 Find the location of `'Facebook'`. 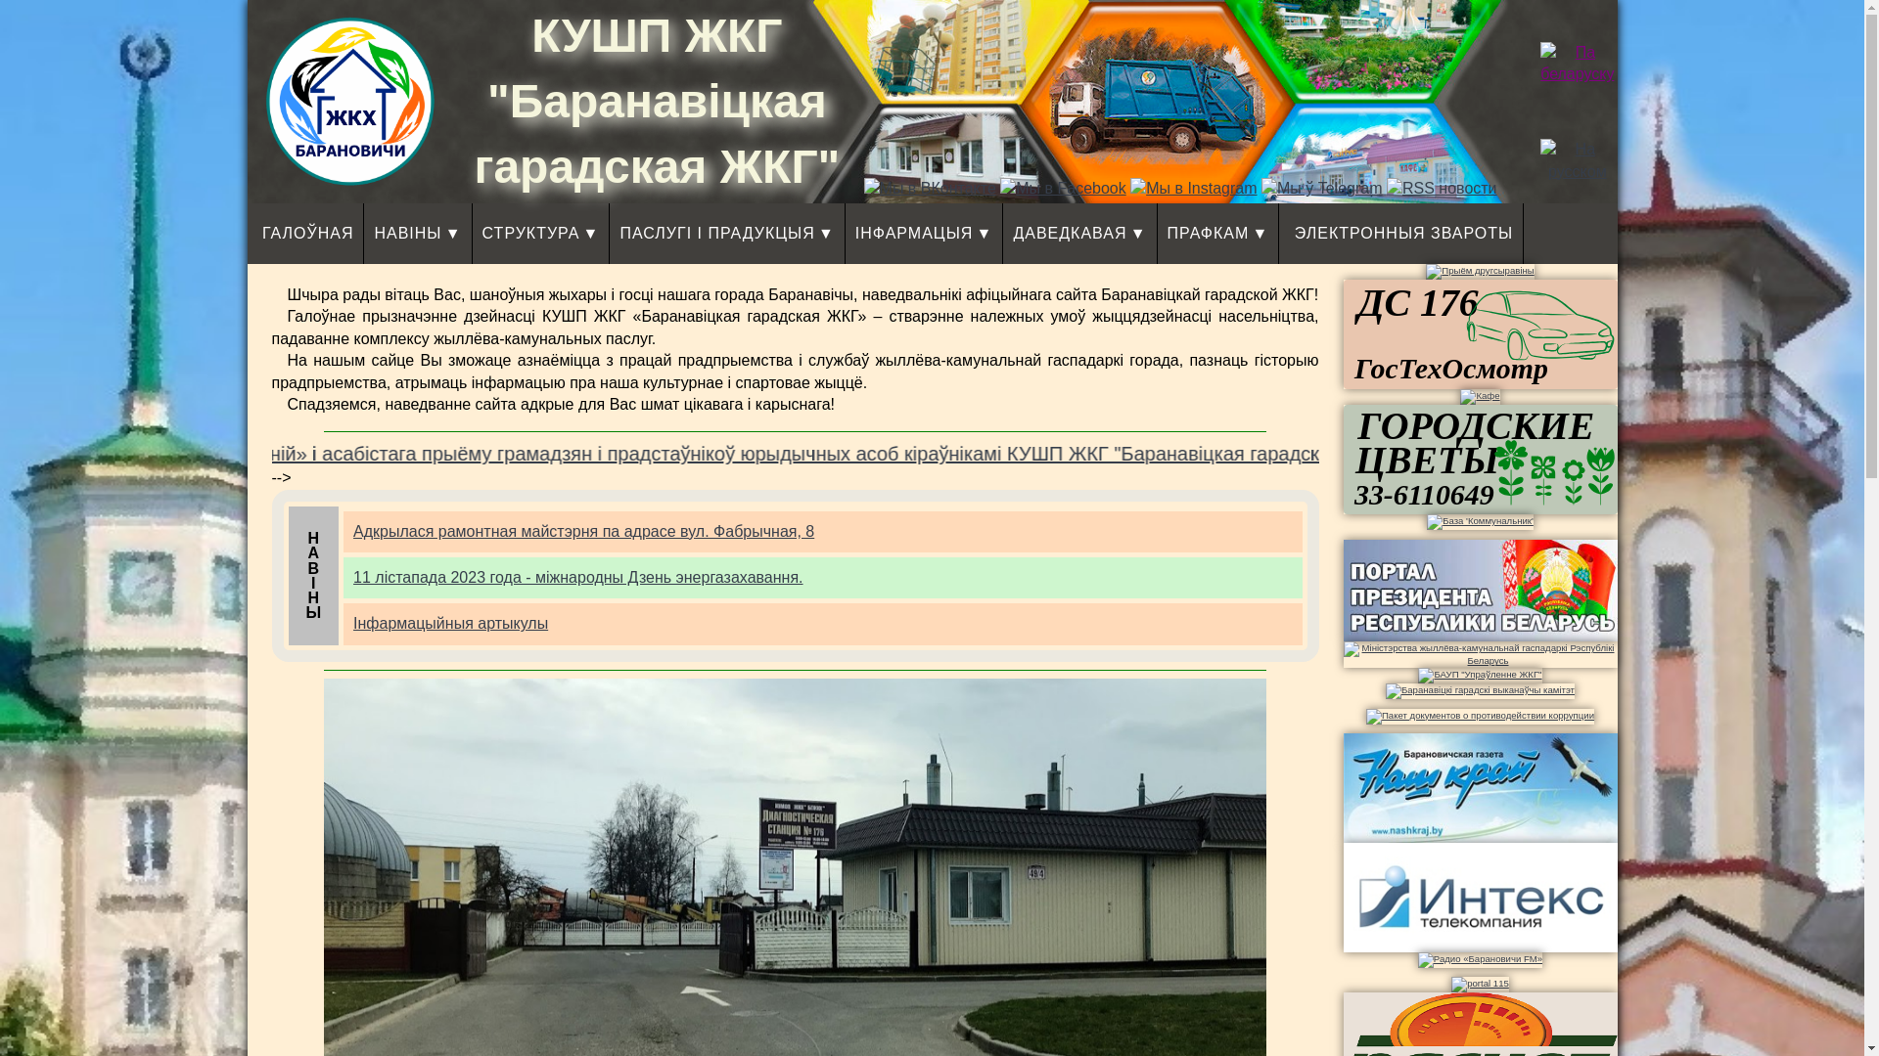

'Facebook' is located at coordinates (1061, 188).